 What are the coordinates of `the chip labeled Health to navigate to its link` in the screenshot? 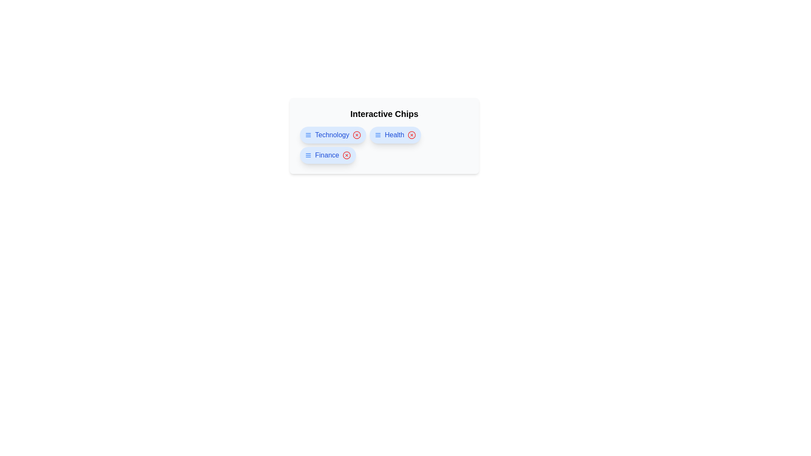 It's located at (394, 135).